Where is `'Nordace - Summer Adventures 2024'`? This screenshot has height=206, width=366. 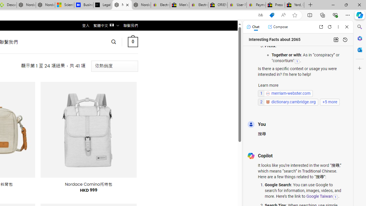
'Nordace - Summer Adventures 2024' is located at coordinates (26, 5).